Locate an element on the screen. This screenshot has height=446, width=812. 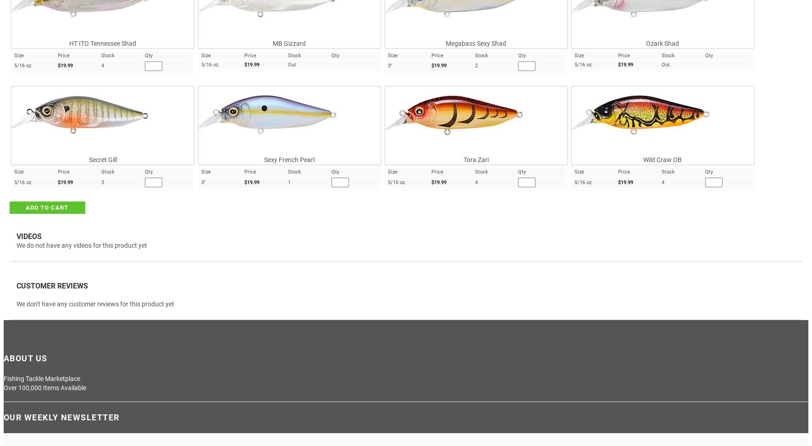
'ADD TO CART' is located at coordinates (25, 207).